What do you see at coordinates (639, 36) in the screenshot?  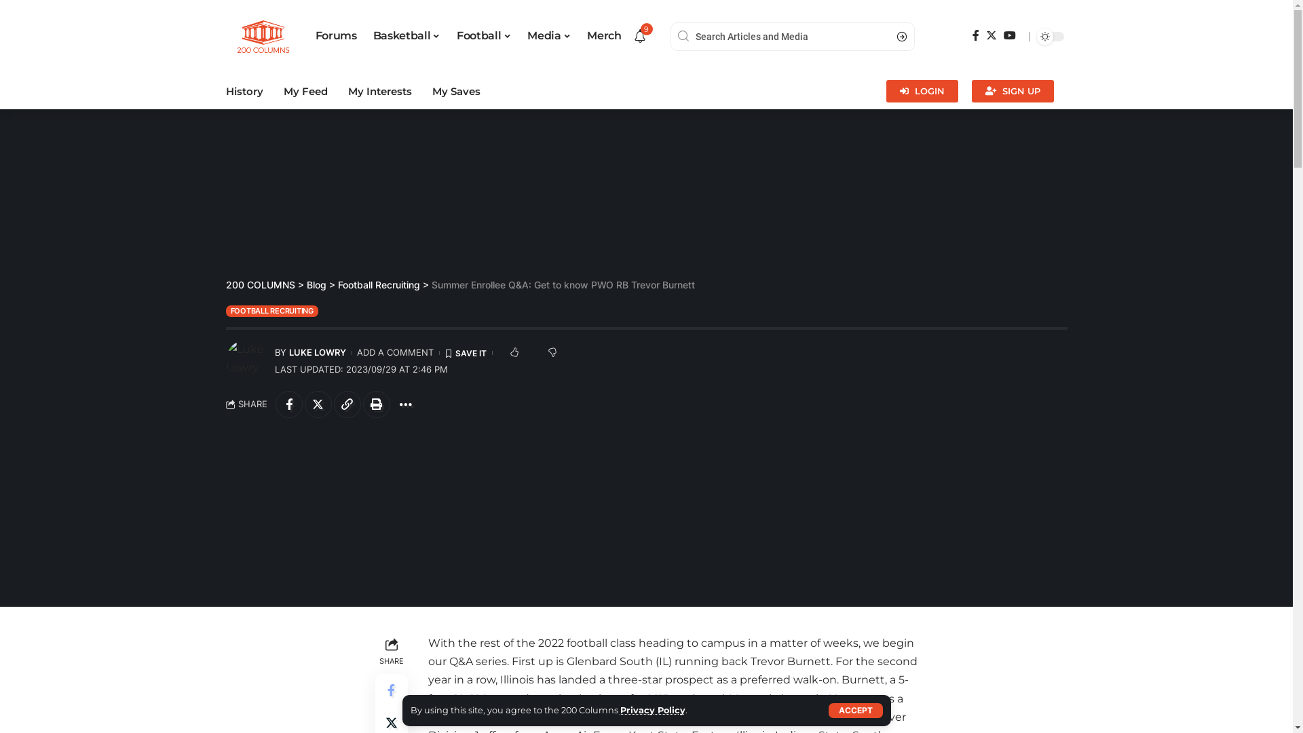 I see `'9'` at bounding box center [639, 36].